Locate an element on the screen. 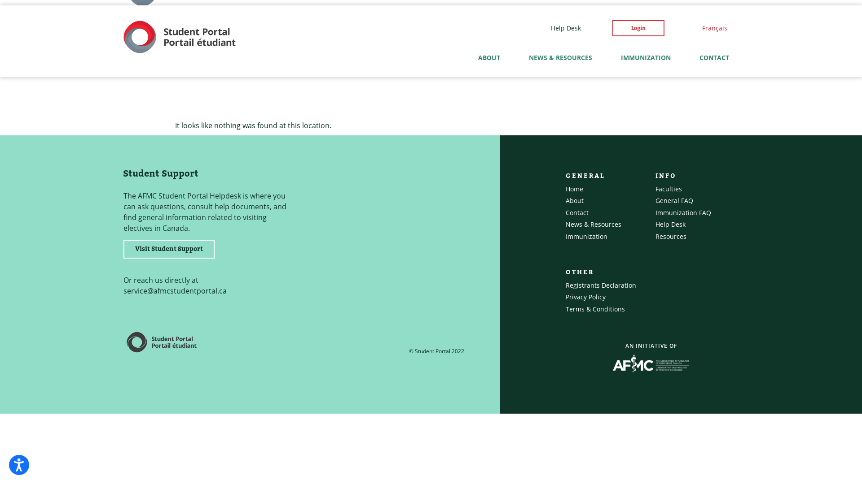  'Help Desk' is located at coordinates (540, 27).